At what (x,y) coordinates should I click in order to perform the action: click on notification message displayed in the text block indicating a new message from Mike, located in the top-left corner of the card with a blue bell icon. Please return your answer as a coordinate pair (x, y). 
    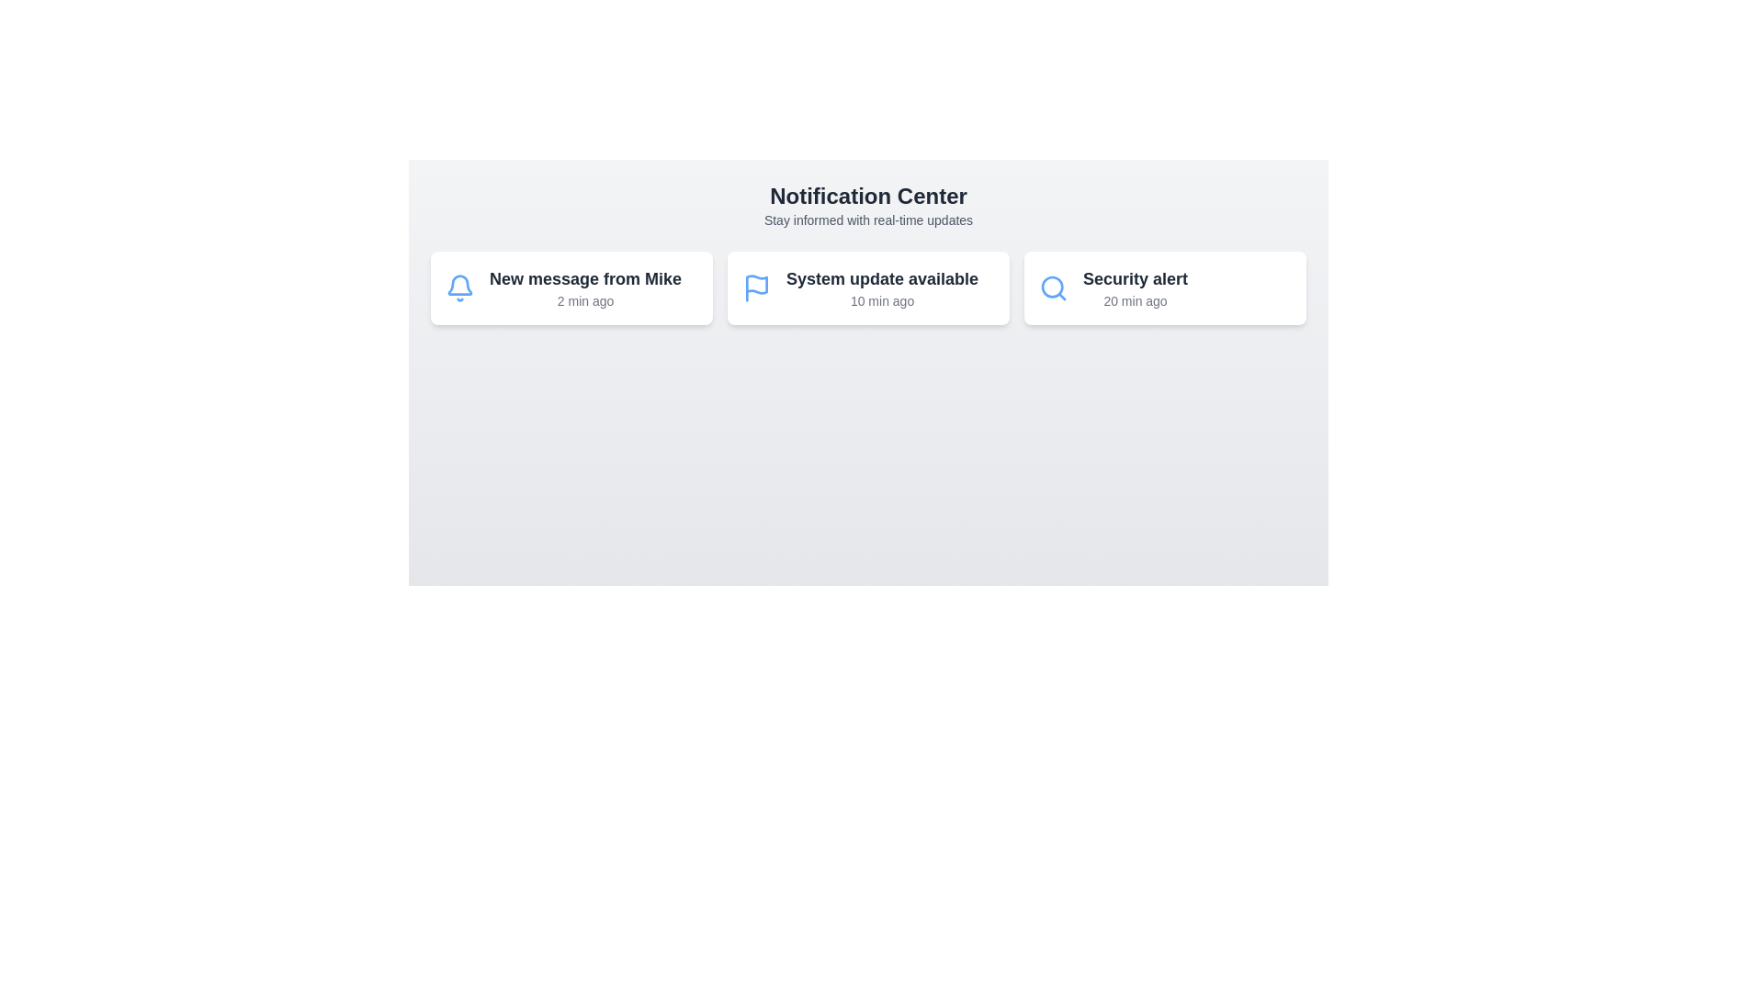
    Looking at the image, I should click on (584, 287).